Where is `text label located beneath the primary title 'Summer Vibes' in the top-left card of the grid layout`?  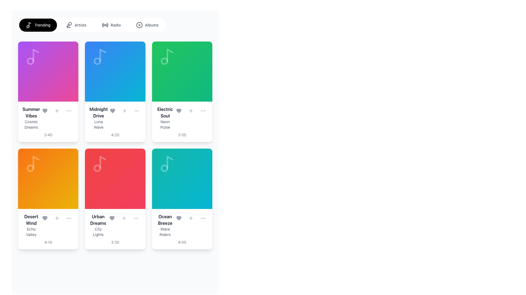
text label located beneath the primary title 'Summer Vibes' in the top-left card of the grid layout is located at coordinates (31, 125).